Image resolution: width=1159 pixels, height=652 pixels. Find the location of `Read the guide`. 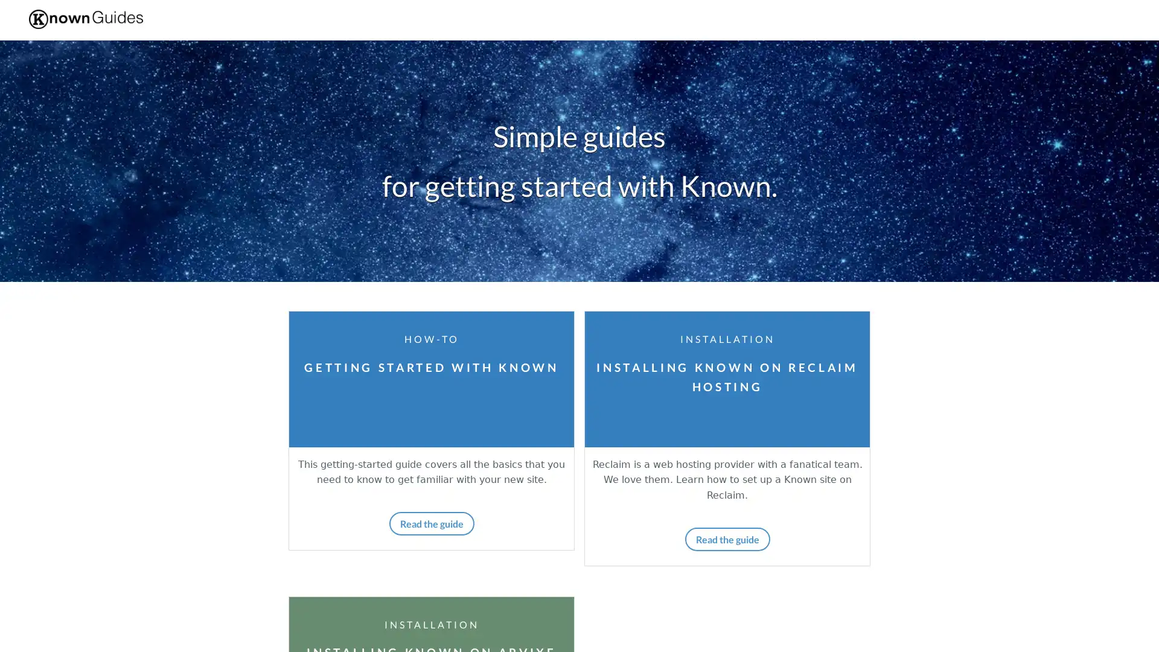

Read the guide is located at coordinates (726, 538).